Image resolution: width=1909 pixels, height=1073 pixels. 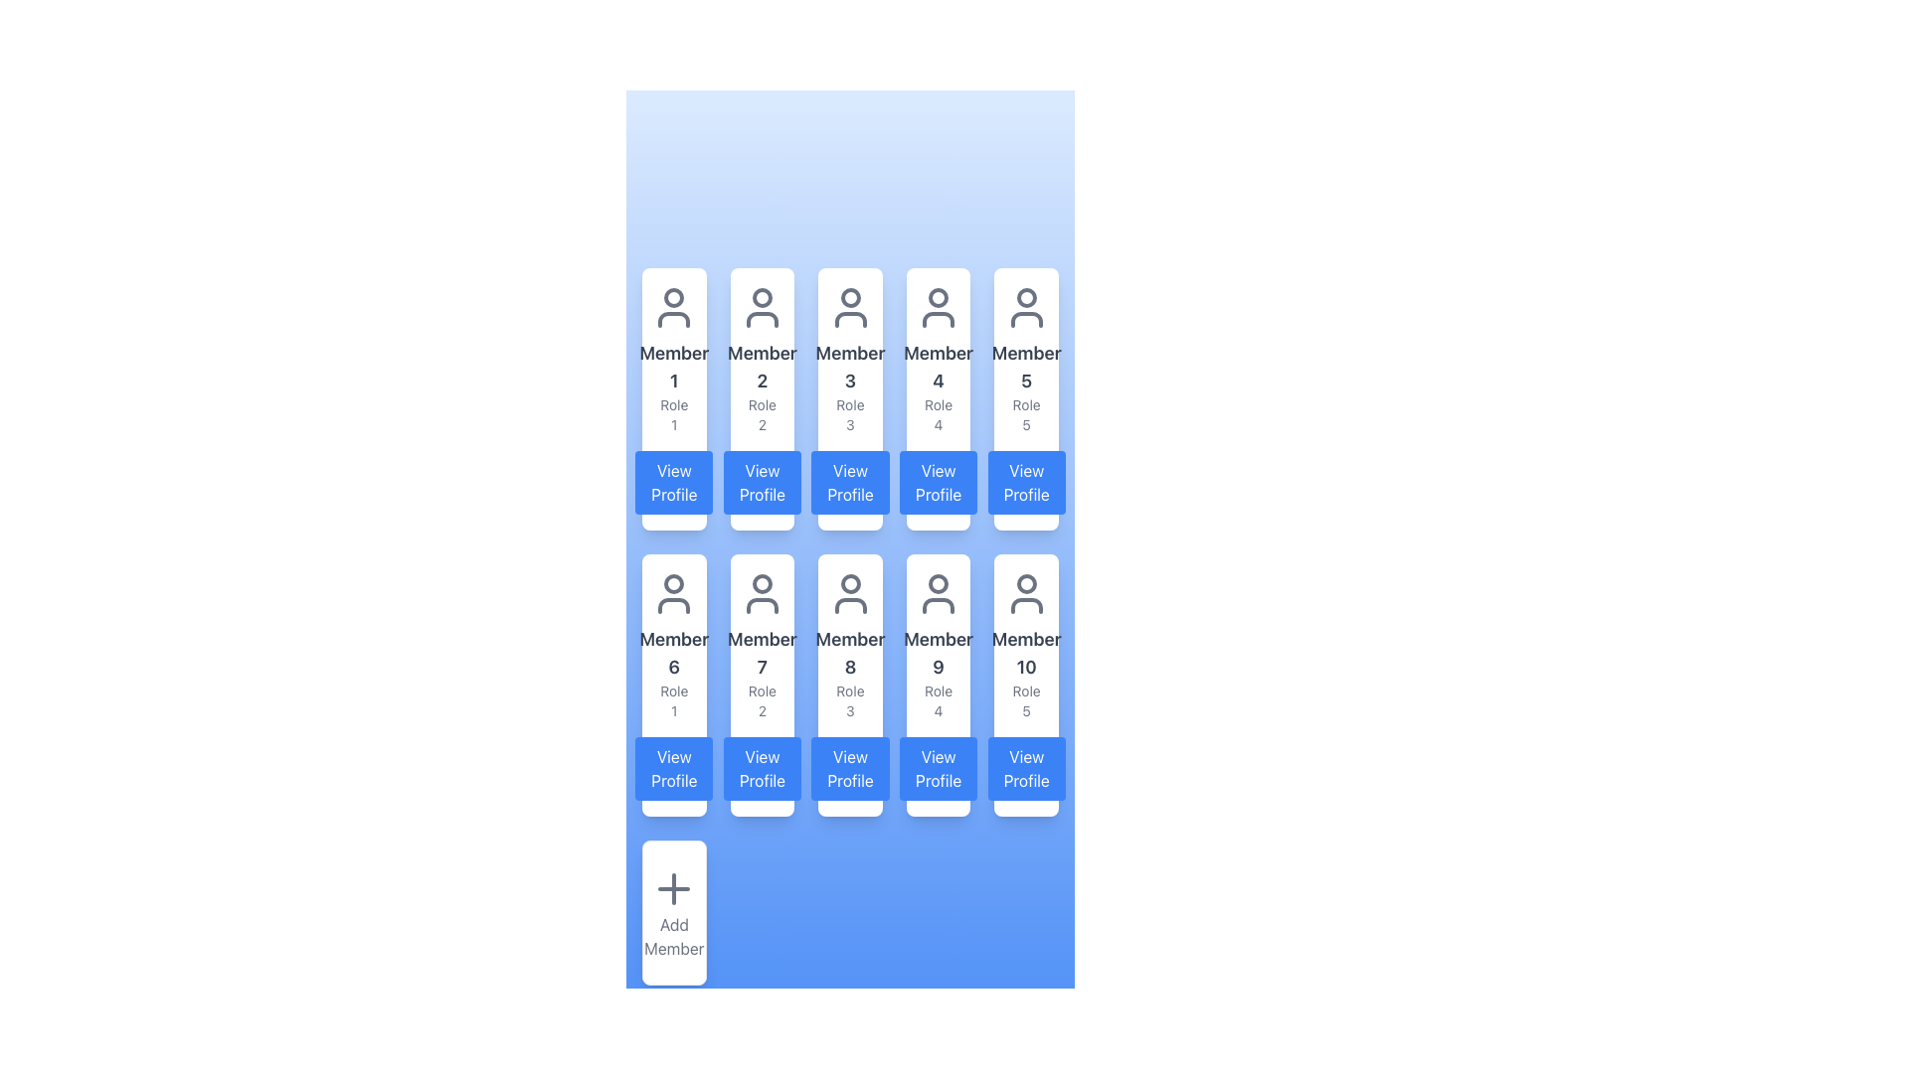 I want to click on the button that triggers adding a new member to the grid, located at the bottom-left under the 'Member 6' card, so click(x=674, y=912).